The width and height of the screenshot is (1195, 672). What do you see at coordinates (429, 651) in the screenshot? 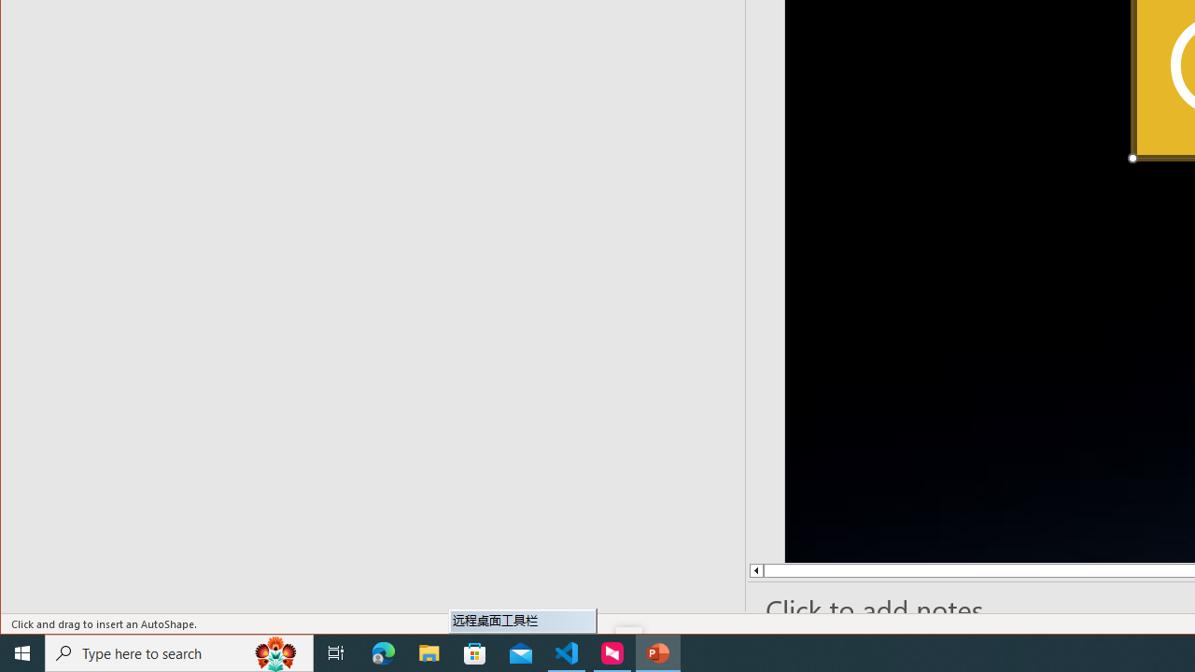
I see `'File Explorer'` at bounding box center [429, 651].